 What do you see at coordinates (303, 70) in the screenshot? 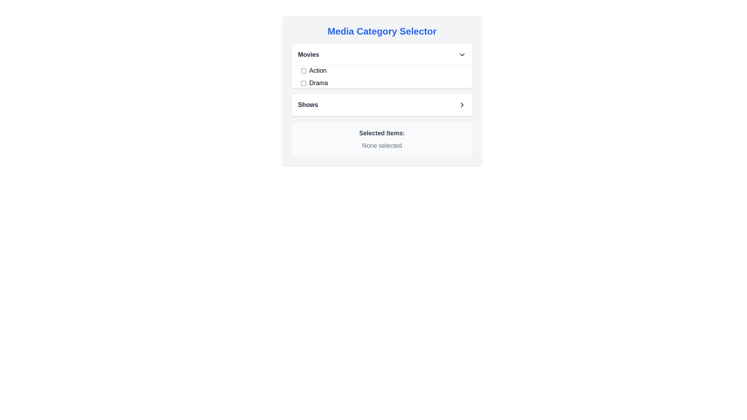
I see `the checkbox associated with the 'Action' genre in the 'Movies' category` at bounding box center [303, 70].